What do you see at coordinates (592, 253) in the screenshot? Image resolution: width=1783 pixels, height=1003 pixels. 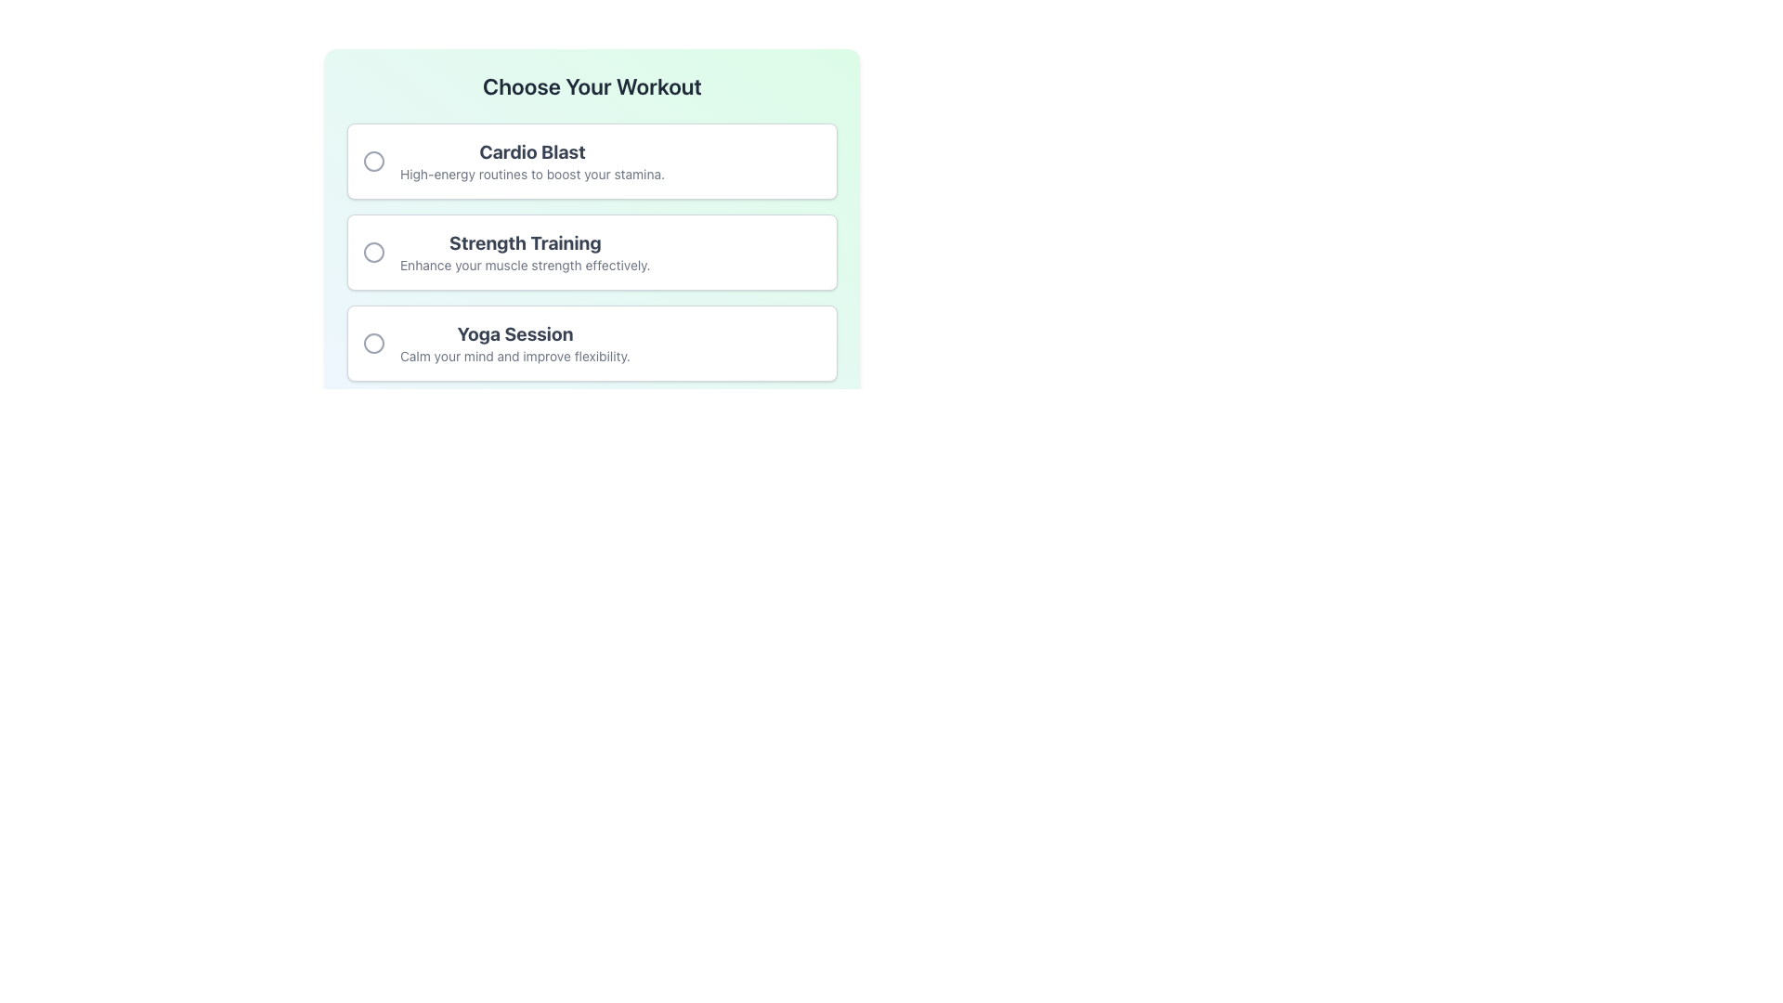 I see `the middle option in the Option card` at bounding box center [592, 253].